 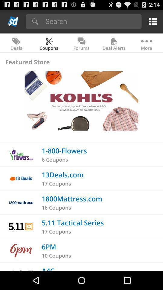 What do you see at coordinates (152, 21) in the screenshot?
I see `open the menu option` at bounding box center [152, 21].